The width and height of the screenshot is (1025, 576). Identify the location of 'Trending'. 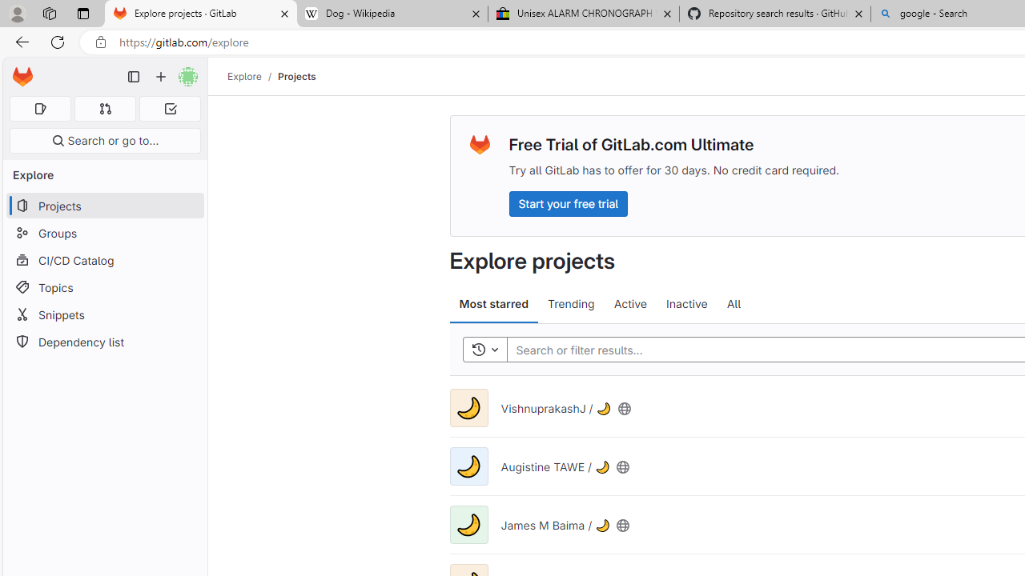
(571, 304).